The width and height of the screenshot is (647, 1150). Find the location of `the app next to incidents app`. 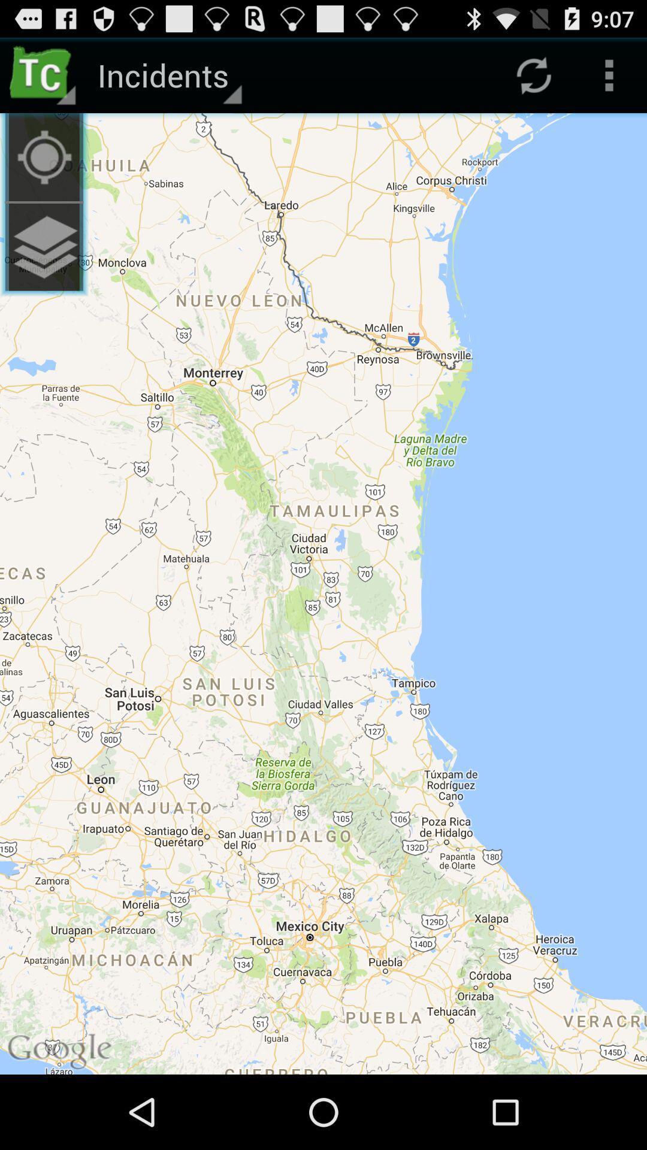

the app next to incidents app is located at coordinates (43, 74).